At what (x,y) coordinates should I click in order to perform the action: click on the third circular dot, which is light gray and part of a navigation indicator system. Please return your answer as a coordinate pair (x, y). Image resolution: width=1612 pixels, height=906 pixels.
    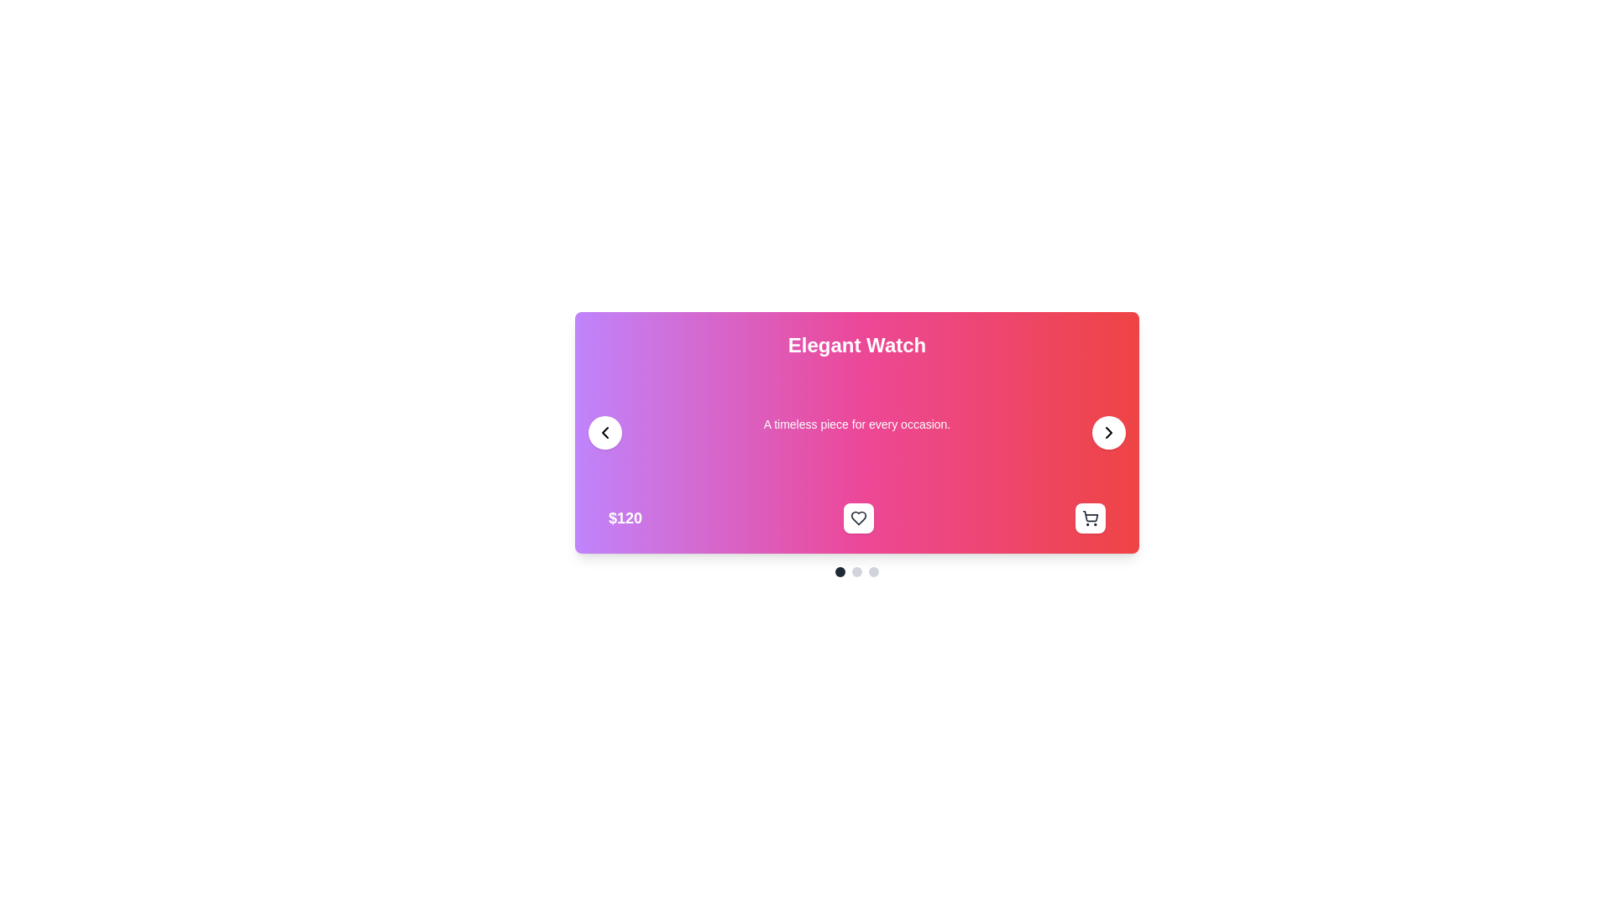
    Looking at the image, I should click on (873, 571).